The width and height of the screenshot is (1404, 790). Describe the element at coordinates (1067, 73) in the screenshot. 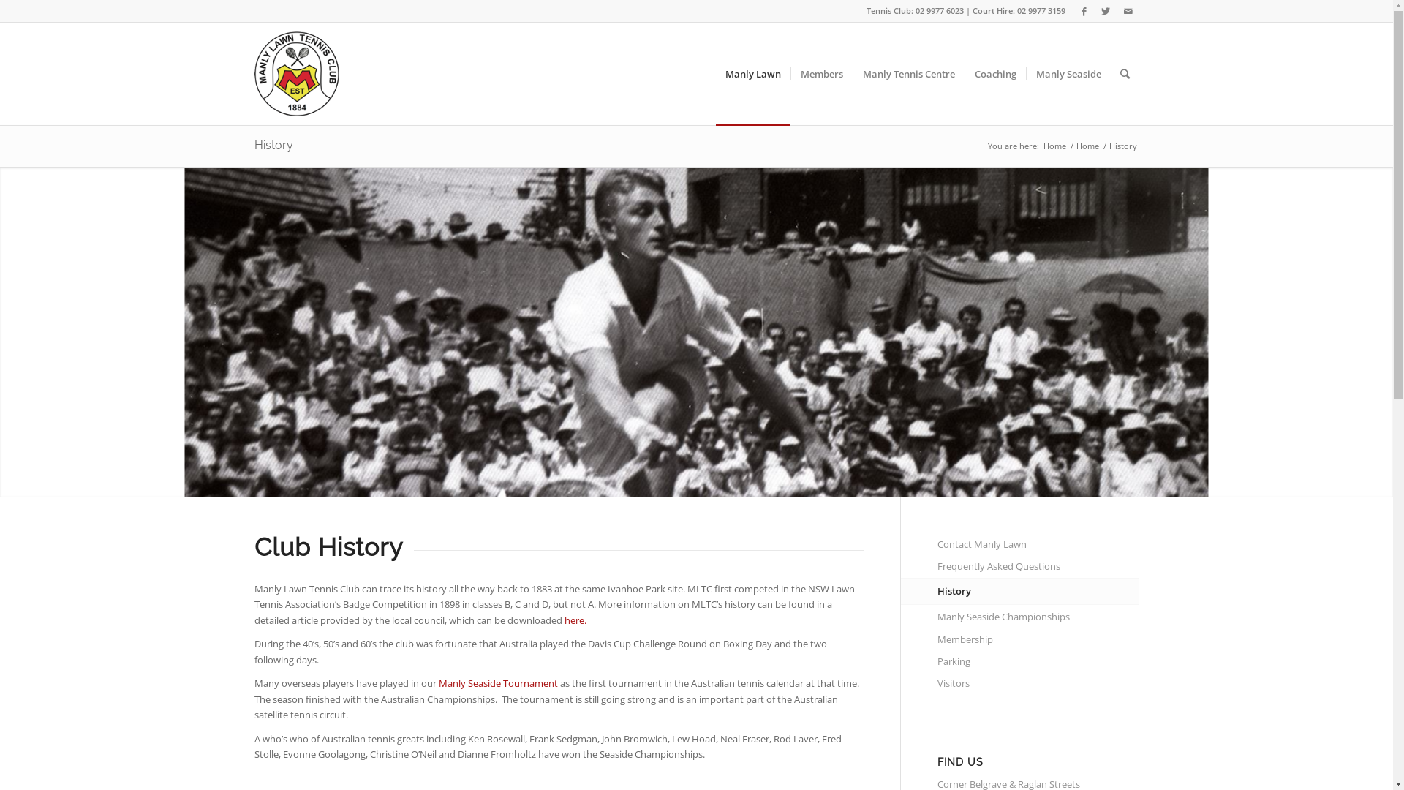

I see `'Manly Seaside'` at that location.